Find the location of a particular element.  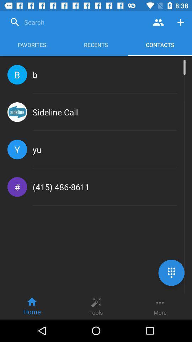

the dialpad icon is located at coordinates (171, 272).